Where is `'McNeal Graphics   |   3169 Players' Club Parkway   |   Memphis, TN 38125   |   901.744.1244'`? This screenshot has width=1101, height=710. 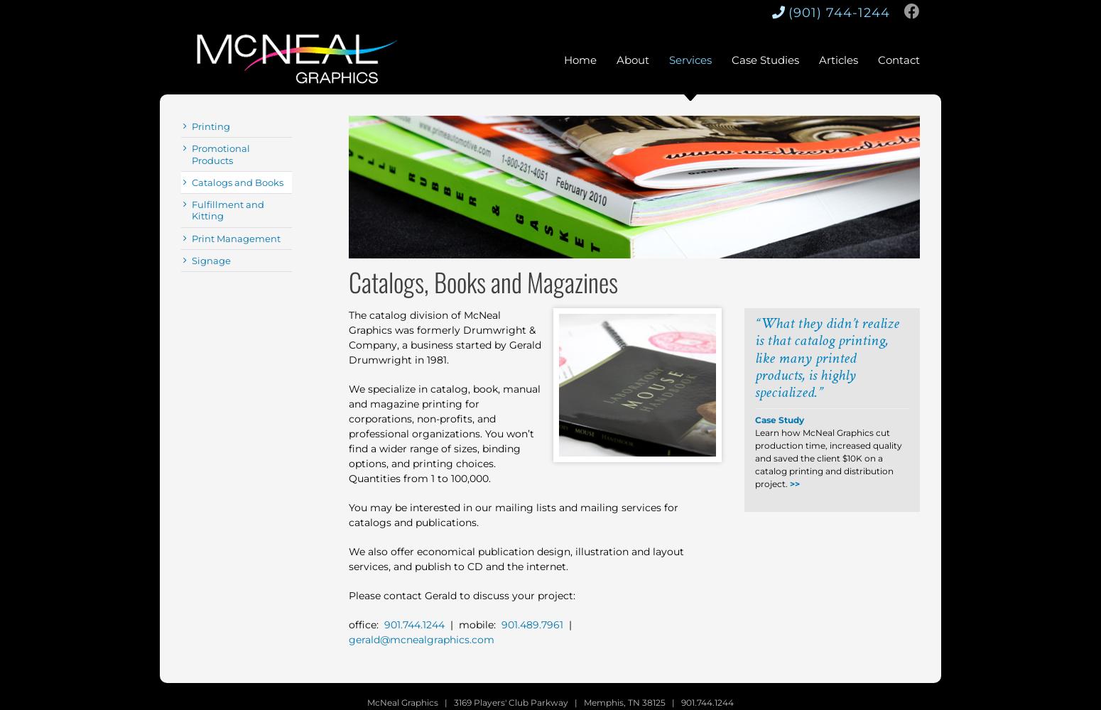
'McNeal Graphics   |   3169 Players' Club Parkway   |   Memphis, TN 38125   |   901.744.1244' is located at coordinates (366, 701).